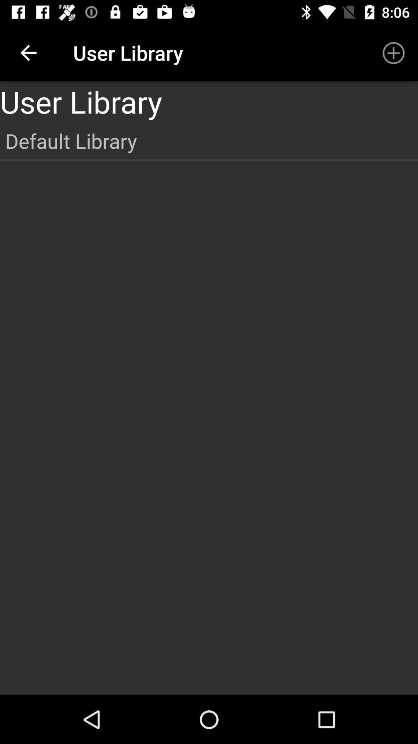  What do you see at coordinates (394, 52) in the screenshot?
I see `the item at the top right corner` at bounding box center [394, 52].